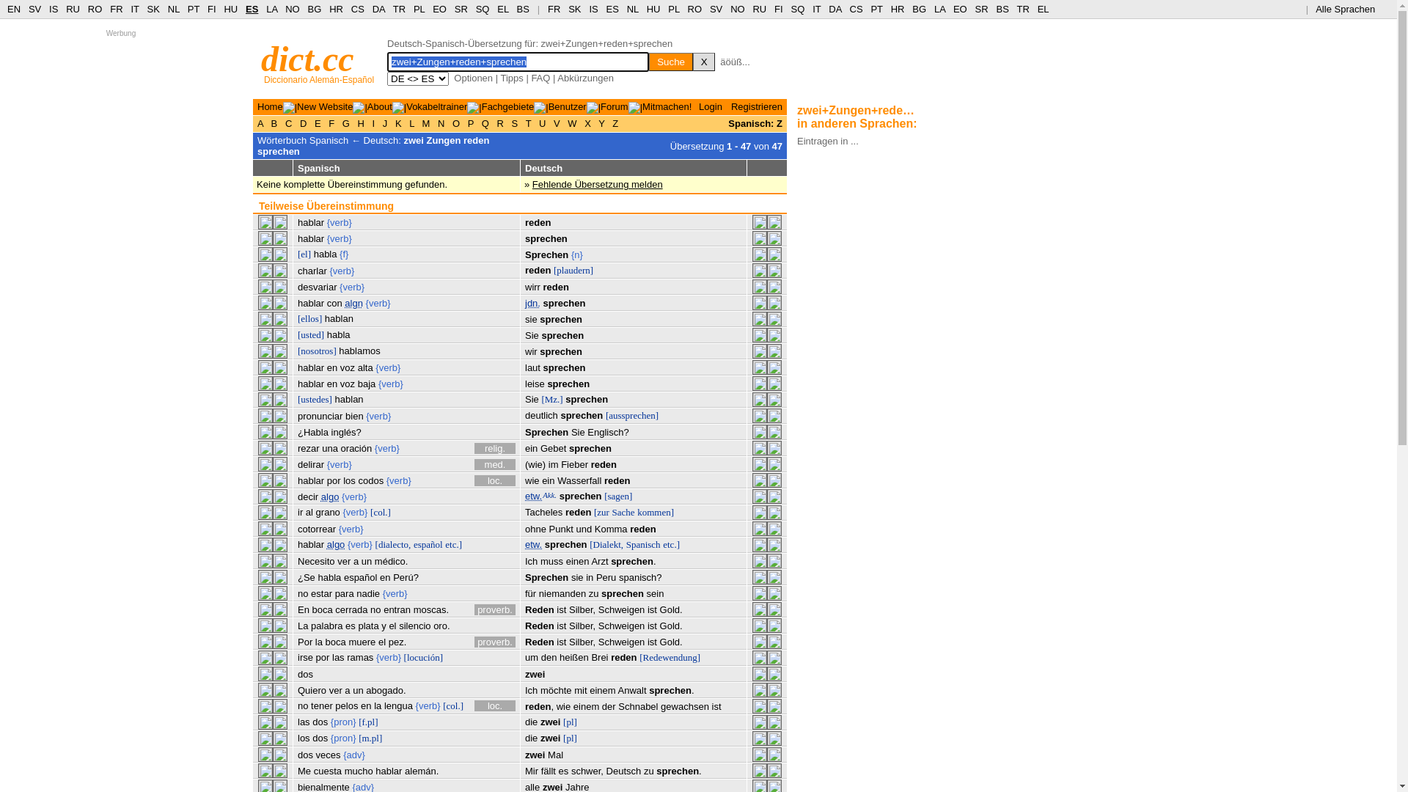 This screenshot has height=792, width=1408. What do you see at coordinates (347, 383) in the screenshot?
I see `'voz'` at bounding box center [347, 383].